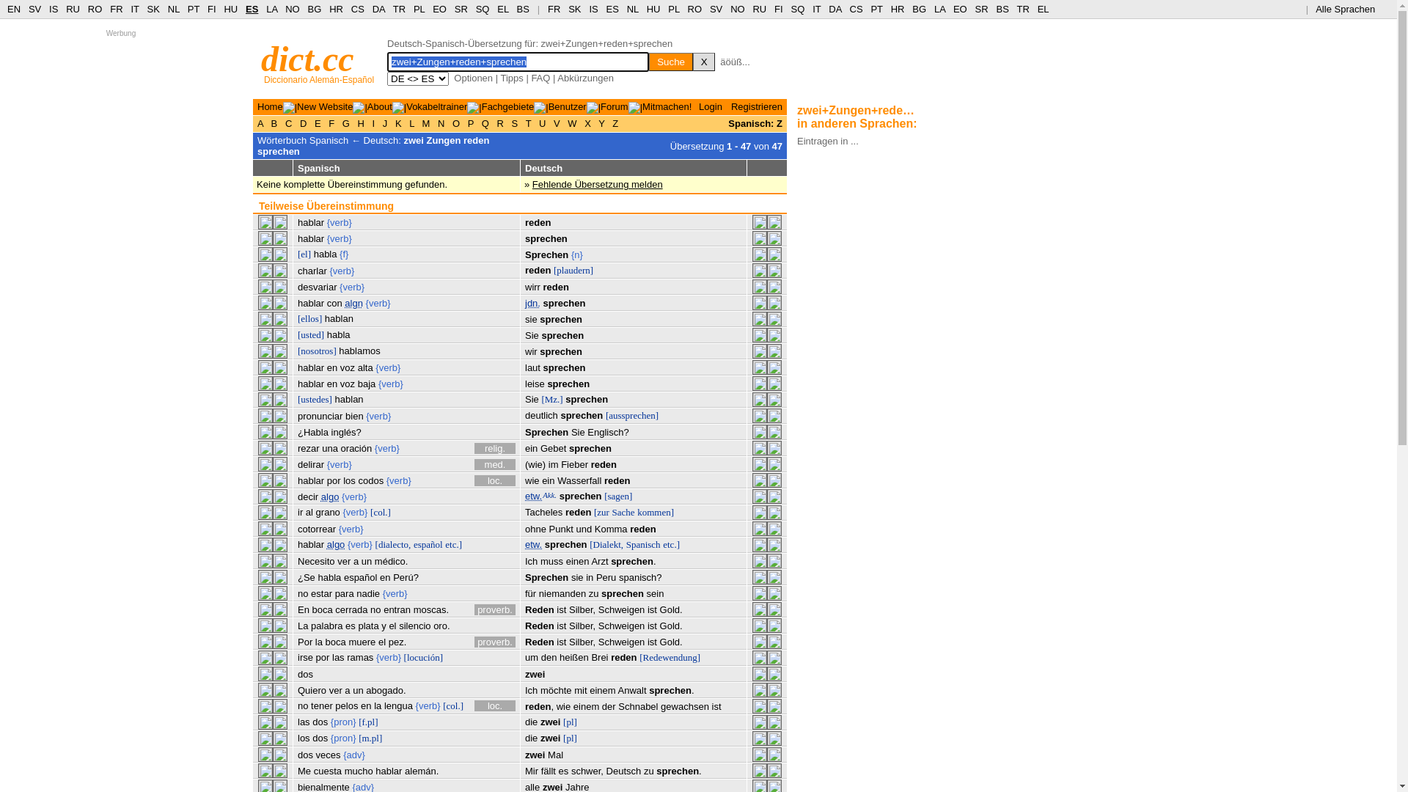 This screenshot has height=792, width=1408. What do you see at coordinates (347, 383) in the screenshot?
I see `'voz'` at bounding box center [347, 383].